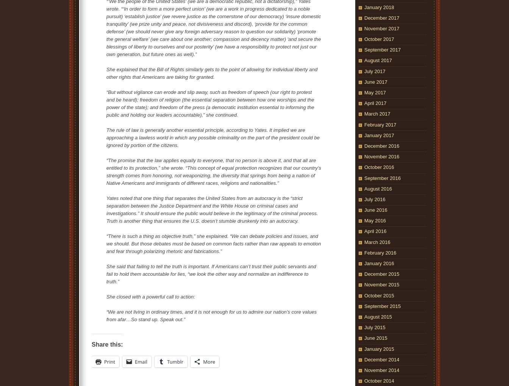 This screenshot has height=386, width=509. What do you see at coordinates (383, 49) in the screenshot?
I see `'September 2017'` at bounding box center [383, 49].